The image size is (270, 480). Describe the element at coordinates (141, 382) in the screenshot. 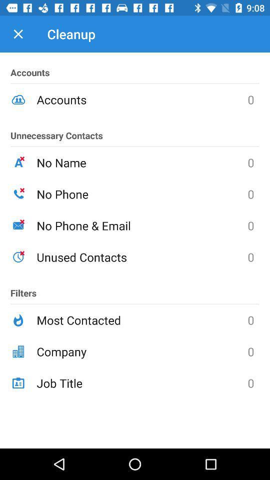

I see `the job title icon` at that location.